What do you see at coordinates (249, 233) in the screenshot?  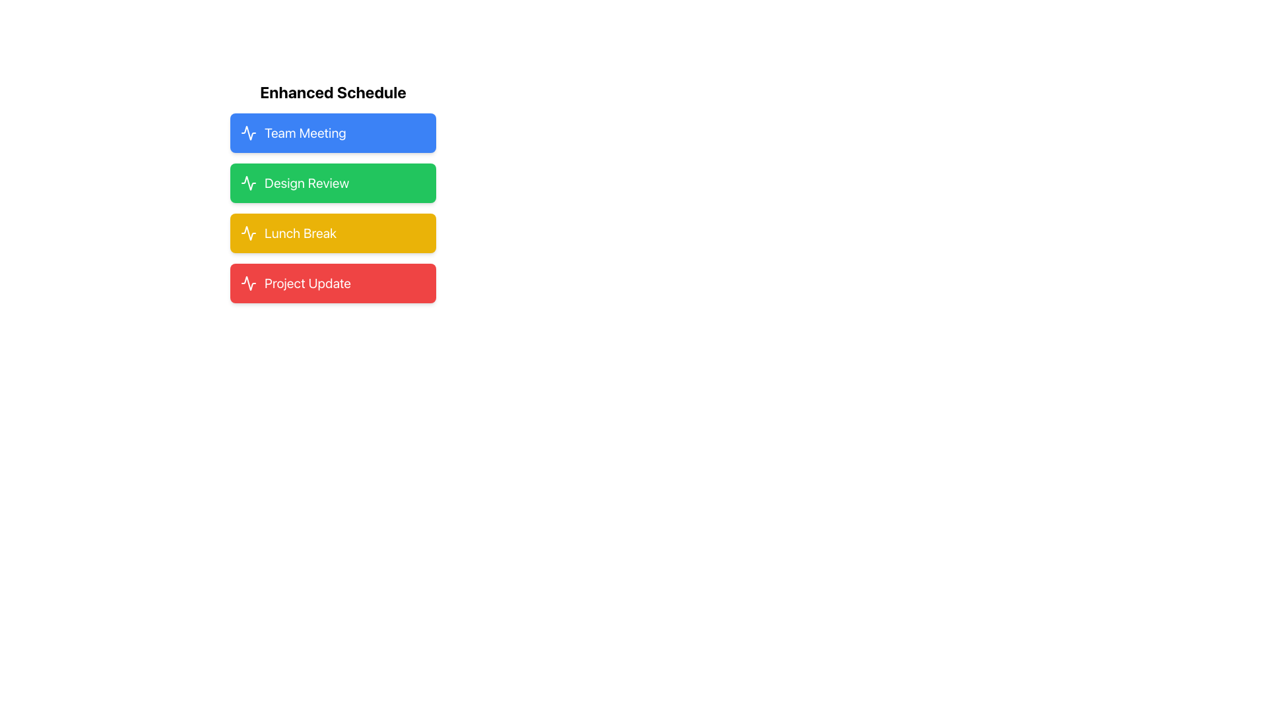 I see `the decorative icon representing activity or energy in the 'Lunch Break' section, positioned closely to the left edge before the text 'Lunch Break'` at bounding box center [249, 233].